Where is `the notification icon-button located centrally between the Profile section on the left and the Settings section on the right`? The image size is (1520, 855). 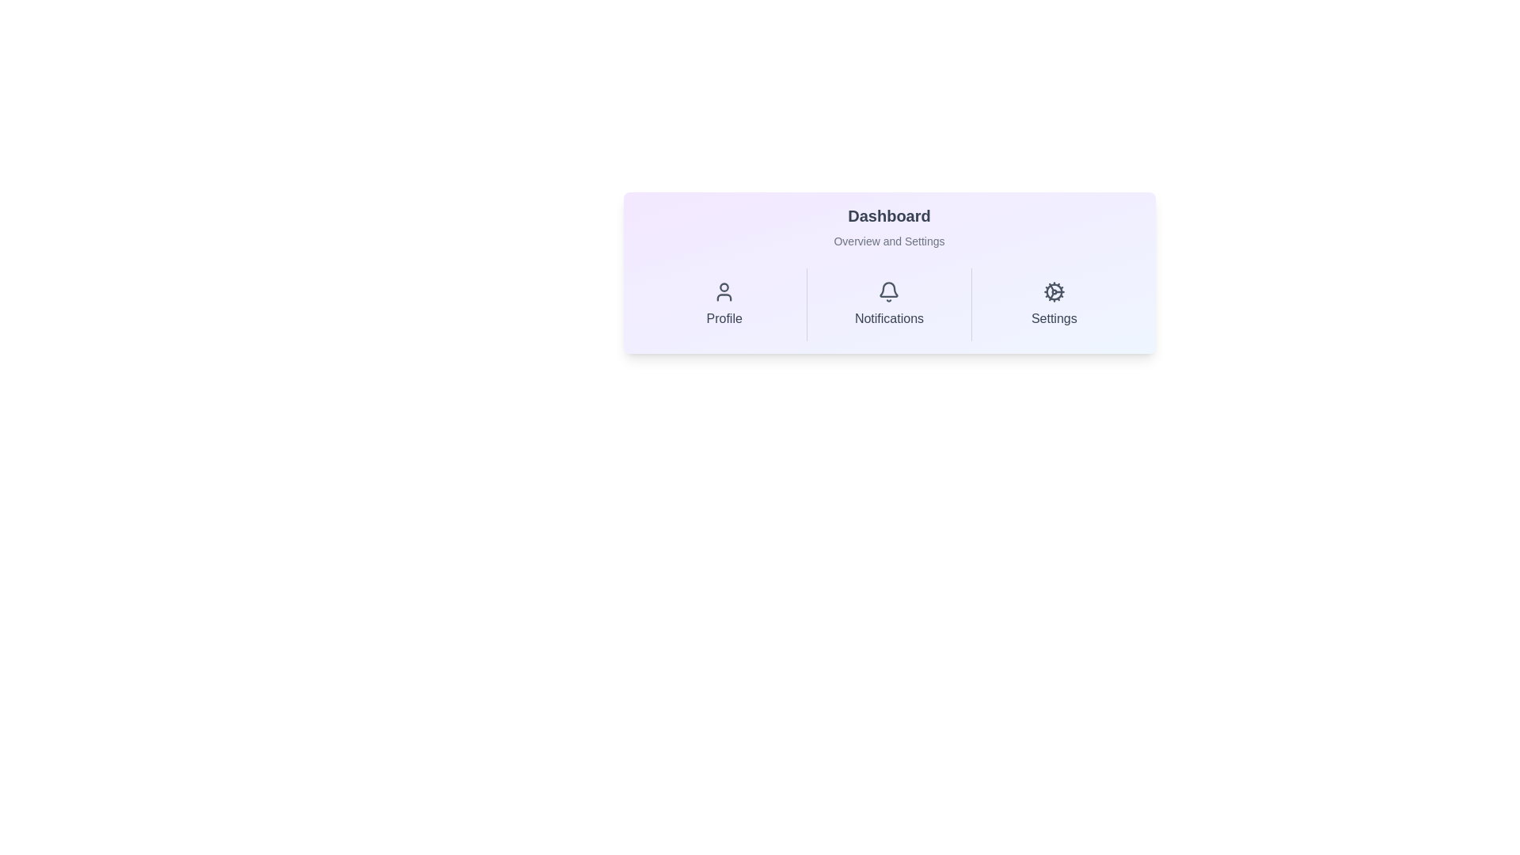
the notification icon-button located centrally between the Profile section on the left and the Settings section on the right is located at coordinates (889, 305).